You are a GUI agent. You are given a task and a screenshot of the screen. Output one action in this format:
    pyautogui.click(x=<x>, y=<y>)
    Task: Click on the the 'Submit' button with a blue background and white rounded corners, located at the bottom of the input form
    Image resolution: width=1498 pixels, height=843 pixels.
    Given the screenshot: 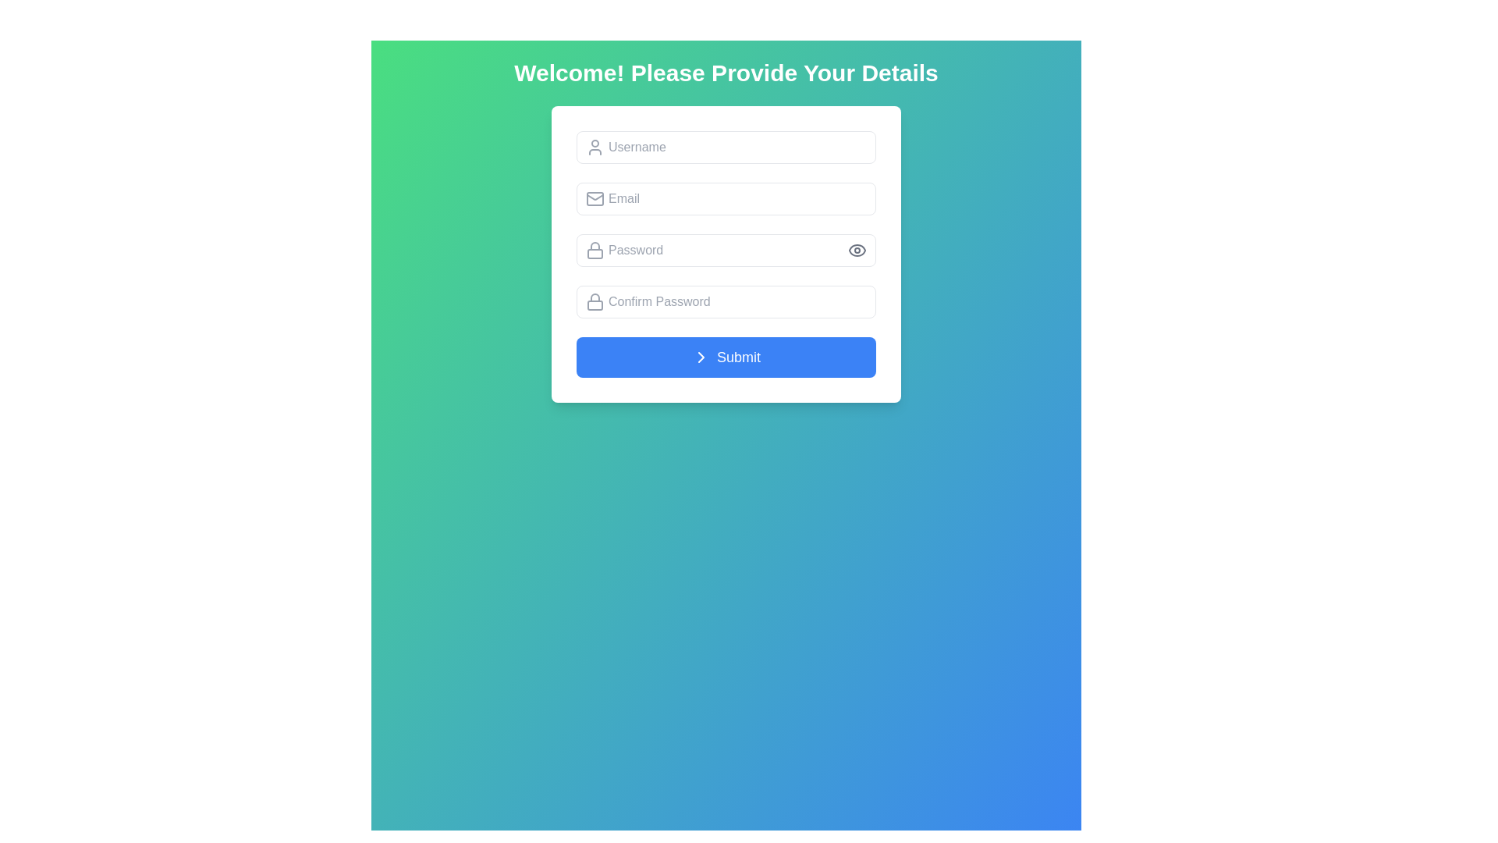 What is the action you would take?
    pyautogui.click(x=726, y=357)
    